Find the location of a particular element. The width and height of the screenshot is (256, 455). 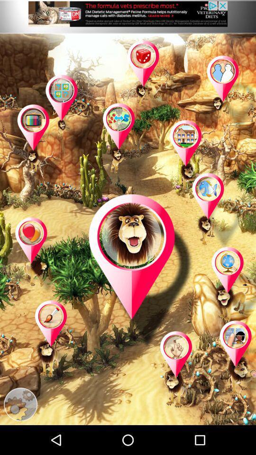

open selected game is located at coordinates (128, 141).